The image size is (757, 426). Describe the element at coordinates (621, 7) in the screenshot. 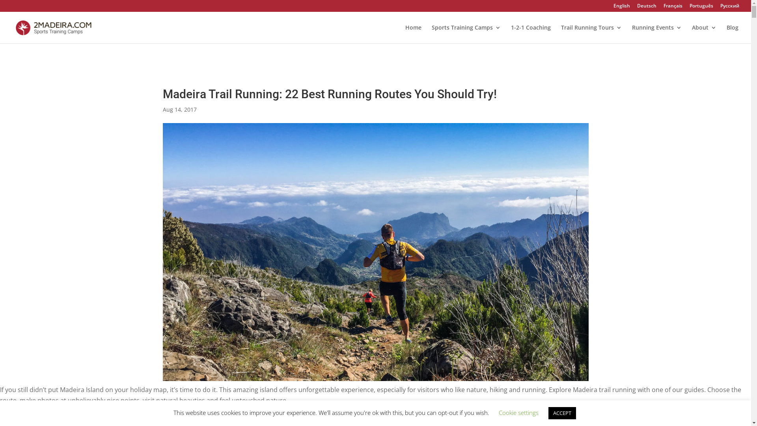

I see `'English'` at that location.